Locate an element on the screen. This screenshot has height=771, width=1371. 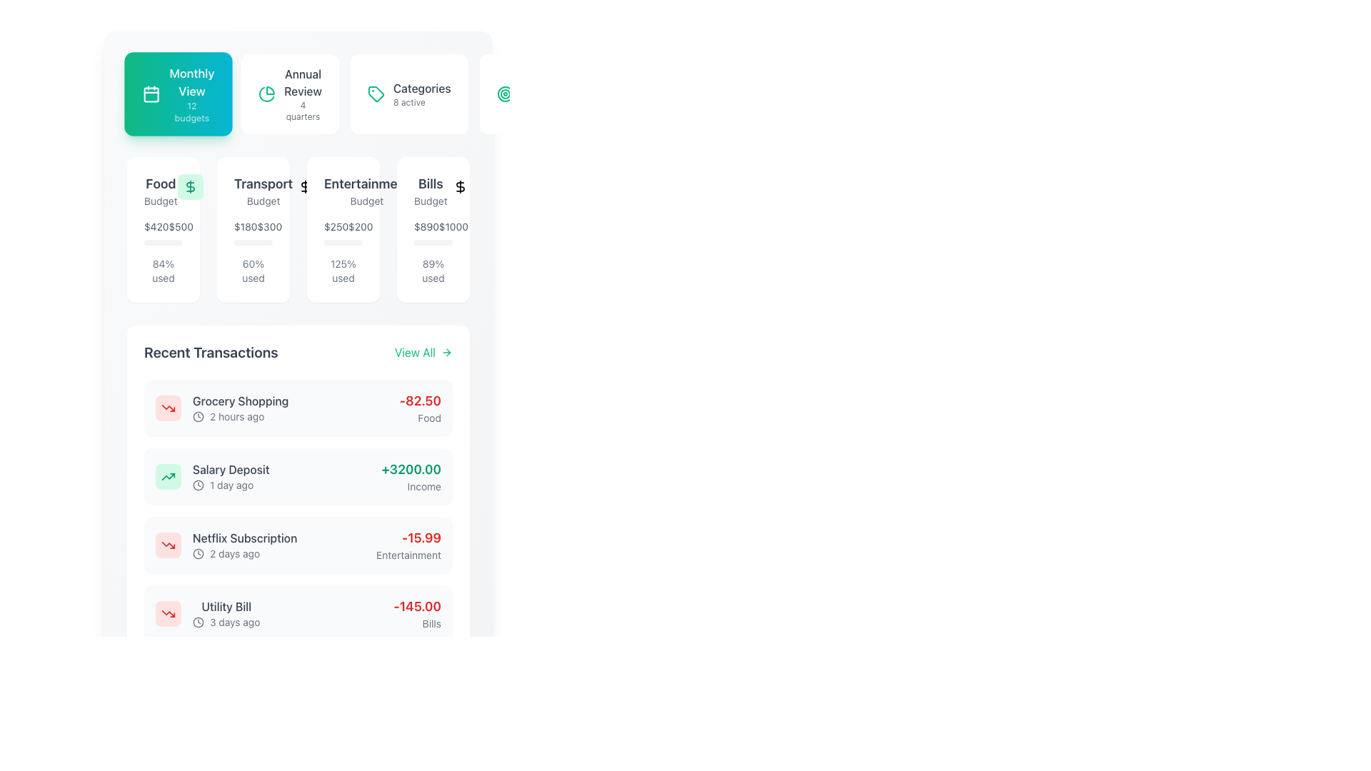
the third entry in the 'Recent Transactions' list titled 'Netflix Subscription' to interact or view details is located at coordinates (226, 545).